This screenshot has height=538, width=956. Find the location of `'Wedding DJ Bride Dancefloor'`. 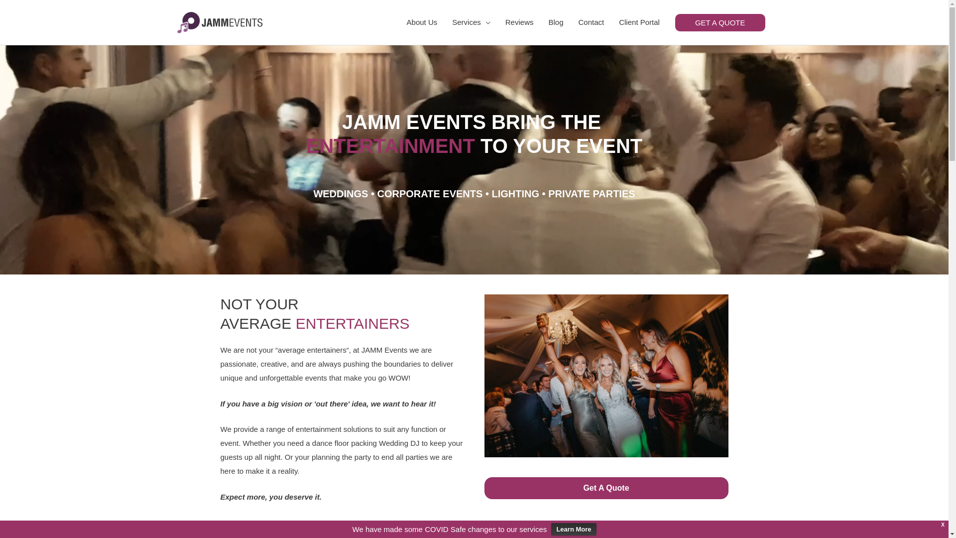

'Wedding DJ Bride Dancefloor' is located at coordinates (605, 376).